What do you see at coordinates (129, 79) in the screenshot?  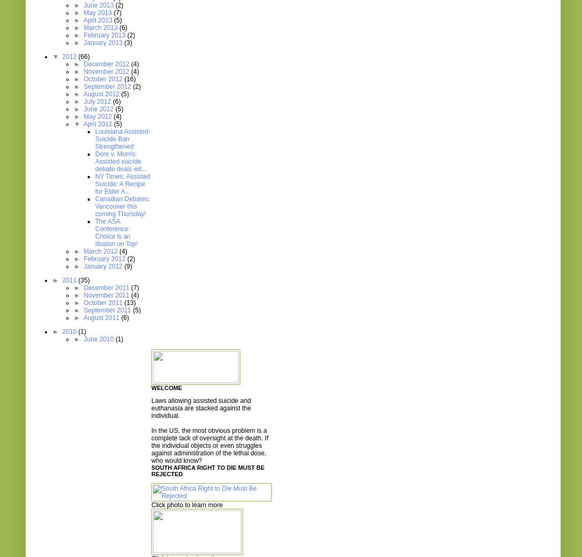 I see `'(16)'` at bounding box center [129, 79].